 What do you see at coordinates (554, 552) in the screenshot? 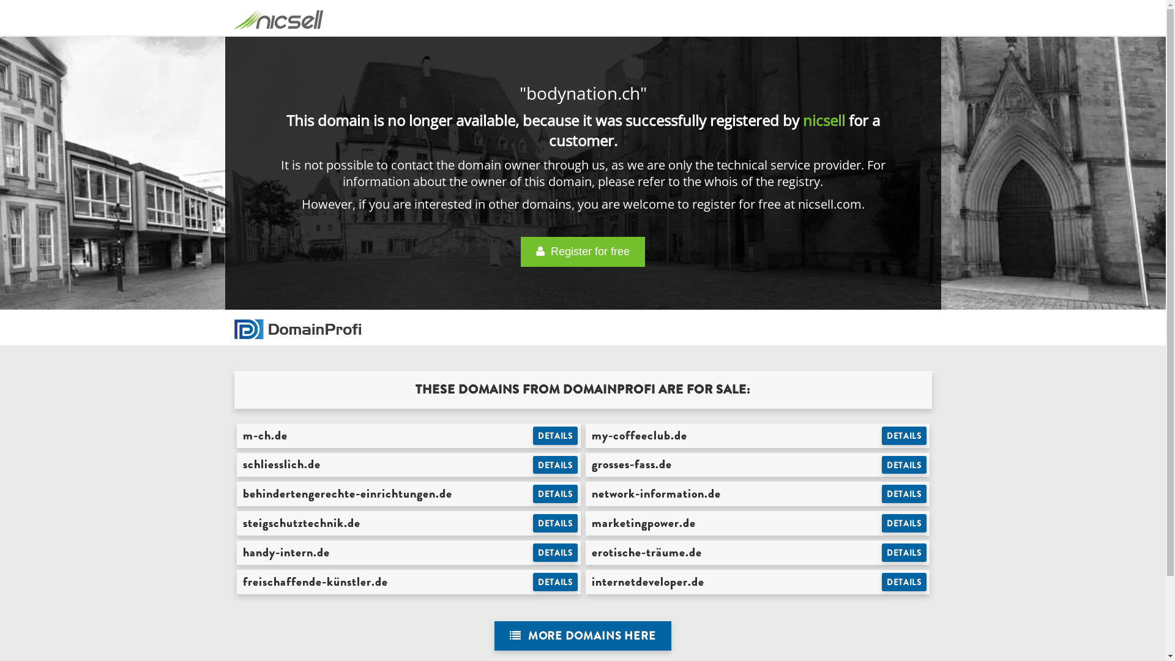
I see `'DETAILS'` at bounding box center [554, 552].